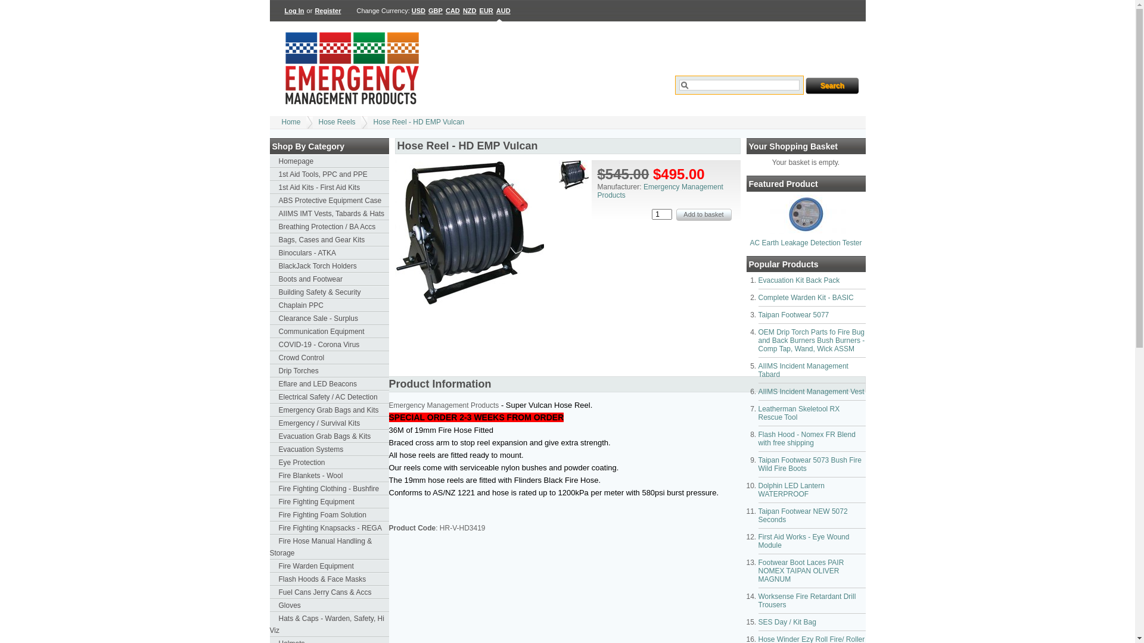 The image size is (1144, 643). Describe the element at coordinates (803, 515) in the screenshot. I see `'Taipan Footwear NEW 5072 Seconds'` at that location.